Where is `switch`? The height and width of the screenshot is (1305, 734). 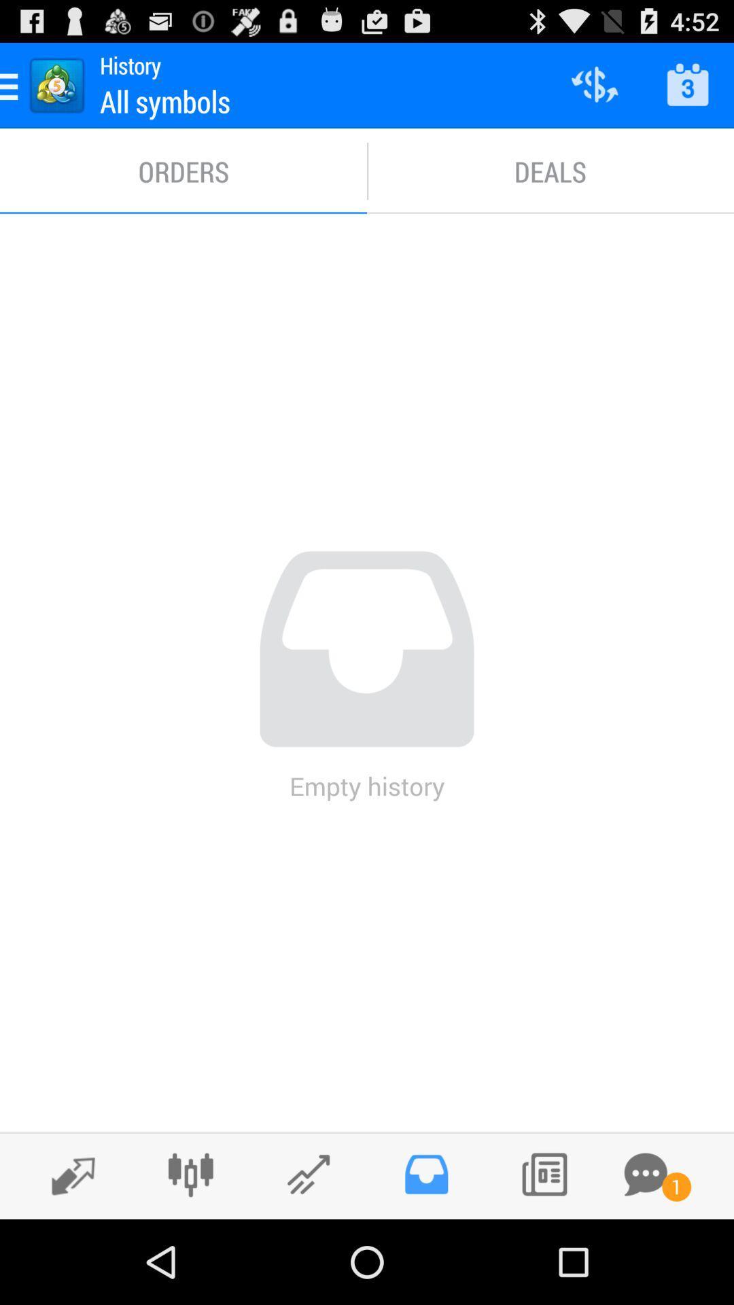
switch is located at coordinates (66, 1174).